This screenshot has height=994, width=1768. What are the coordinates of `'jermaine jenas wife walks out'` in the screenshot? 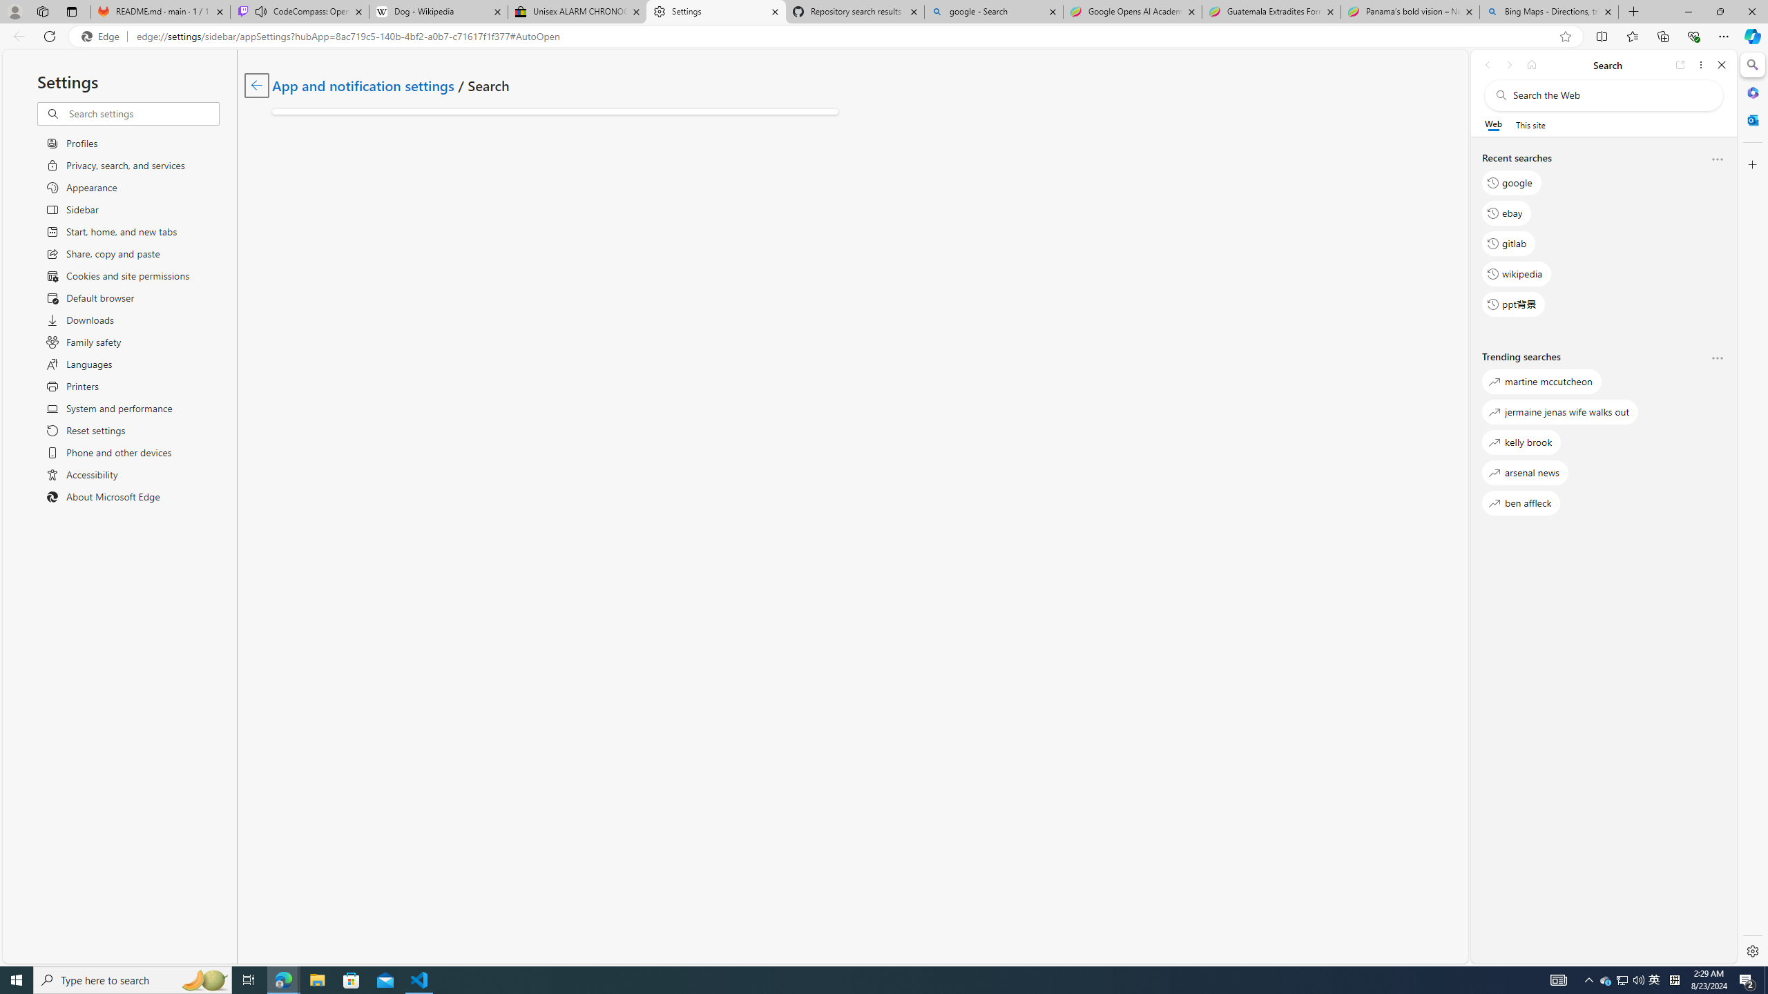 It's located at (1559, 411).